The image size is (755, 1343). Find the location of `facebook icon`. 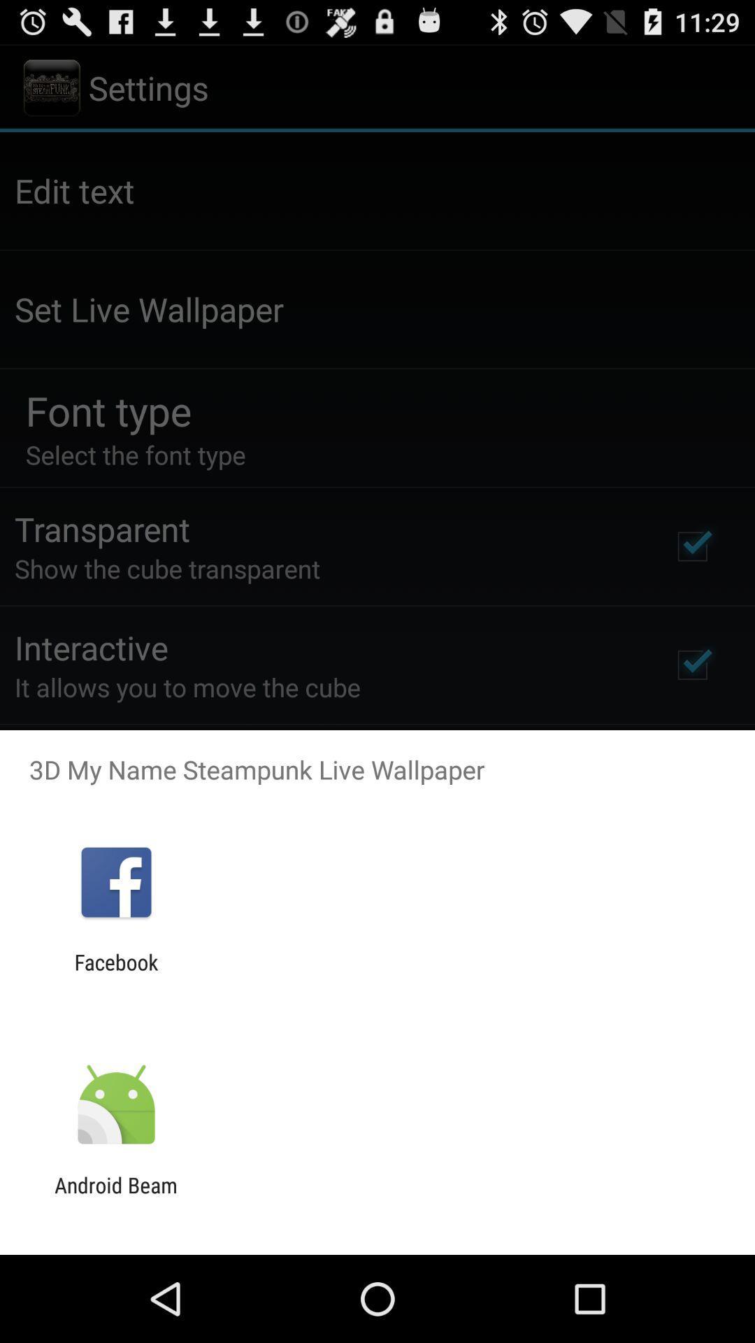

facebook icon is located at coordinates (115, 974).